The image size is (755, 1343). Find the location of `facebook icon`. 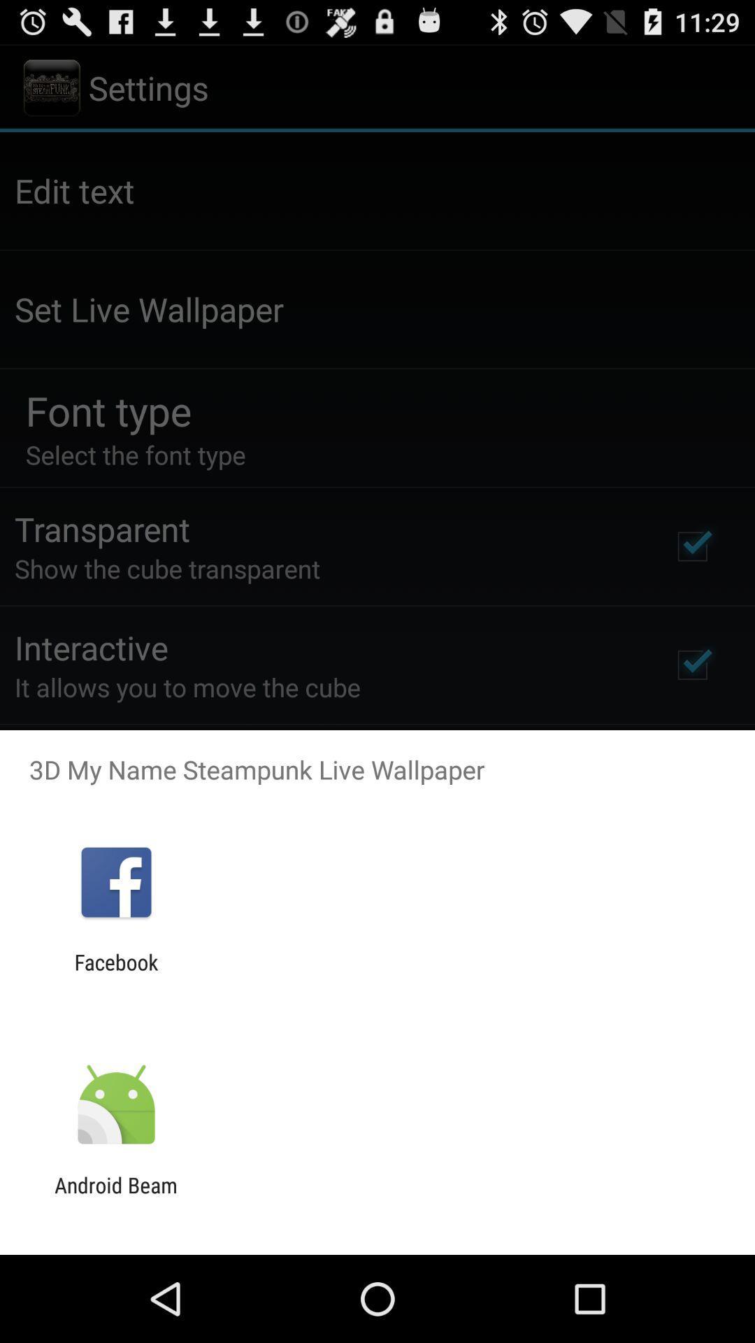

facebook icon is located at coordinates (115, 974).